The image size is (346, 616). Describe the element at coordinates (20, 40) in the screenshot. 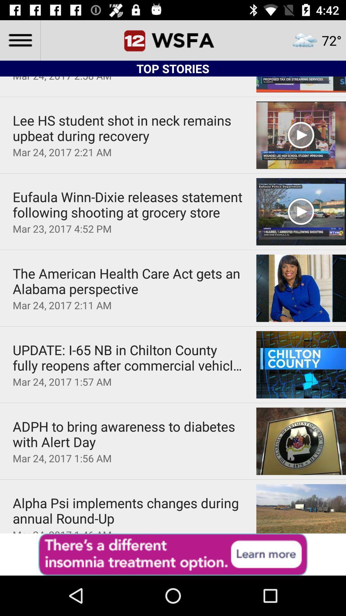

I see `the menu icon` at that location.